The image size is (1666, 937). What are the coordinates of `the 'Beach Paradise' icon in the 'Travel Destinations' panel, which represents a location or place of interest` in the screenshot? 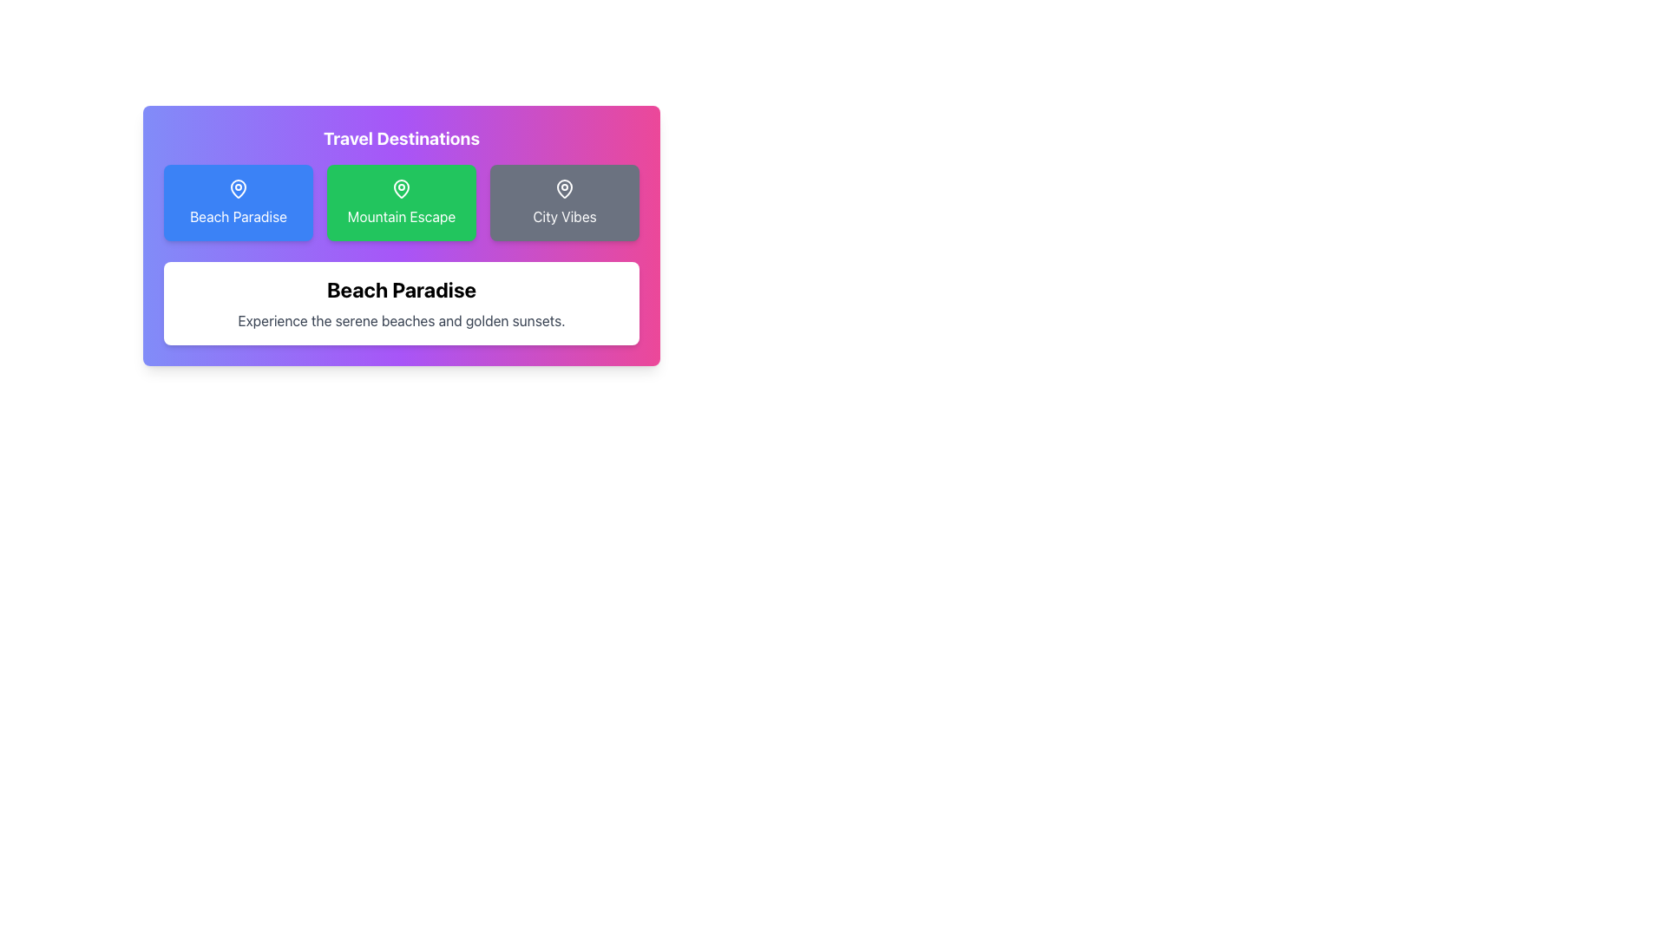 It's located at (237, 189).